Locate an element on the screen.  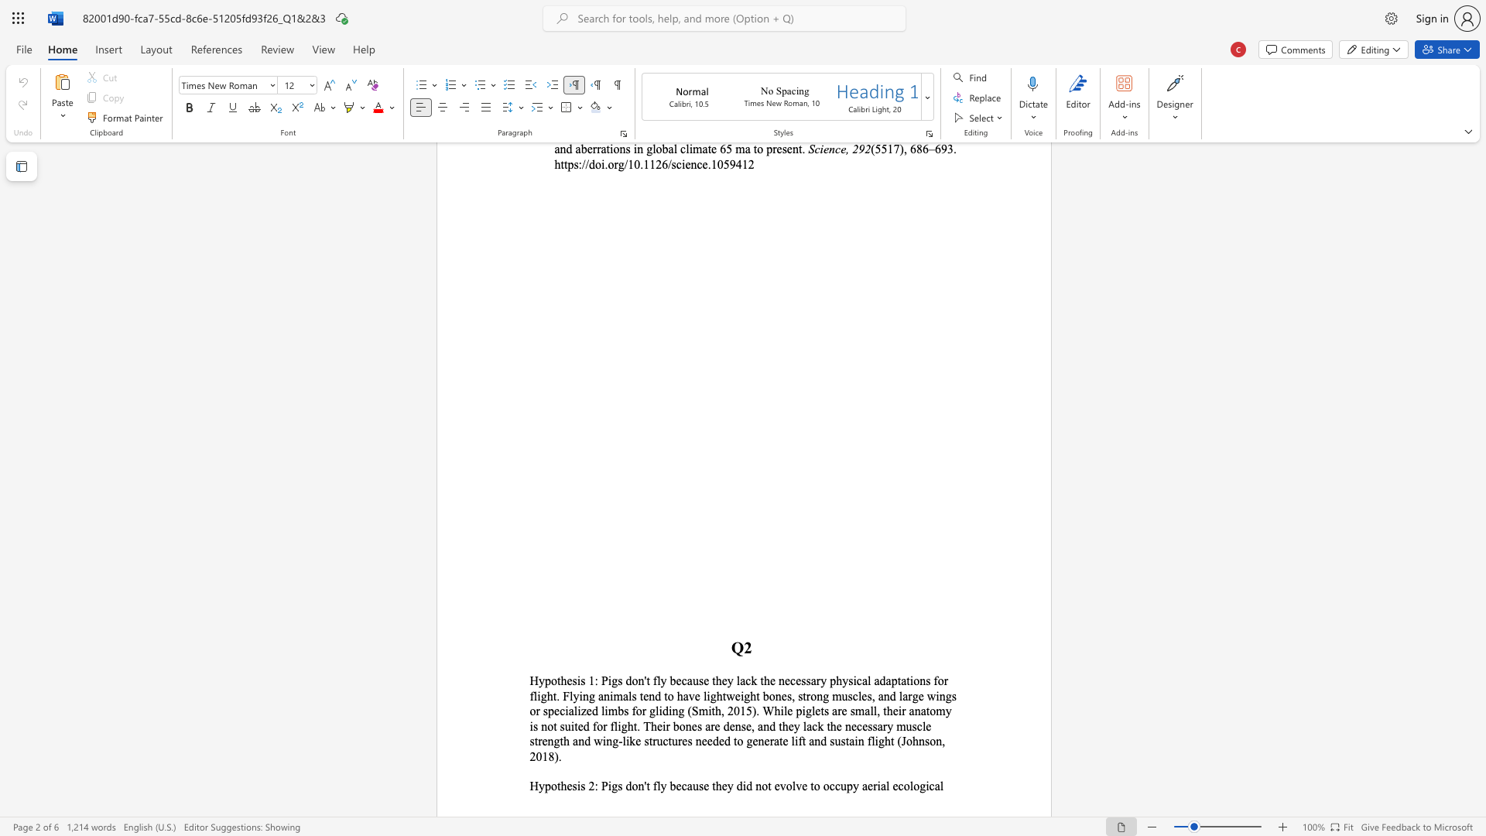
the 1th character "t" in the text is located at coordinates (558, 680).